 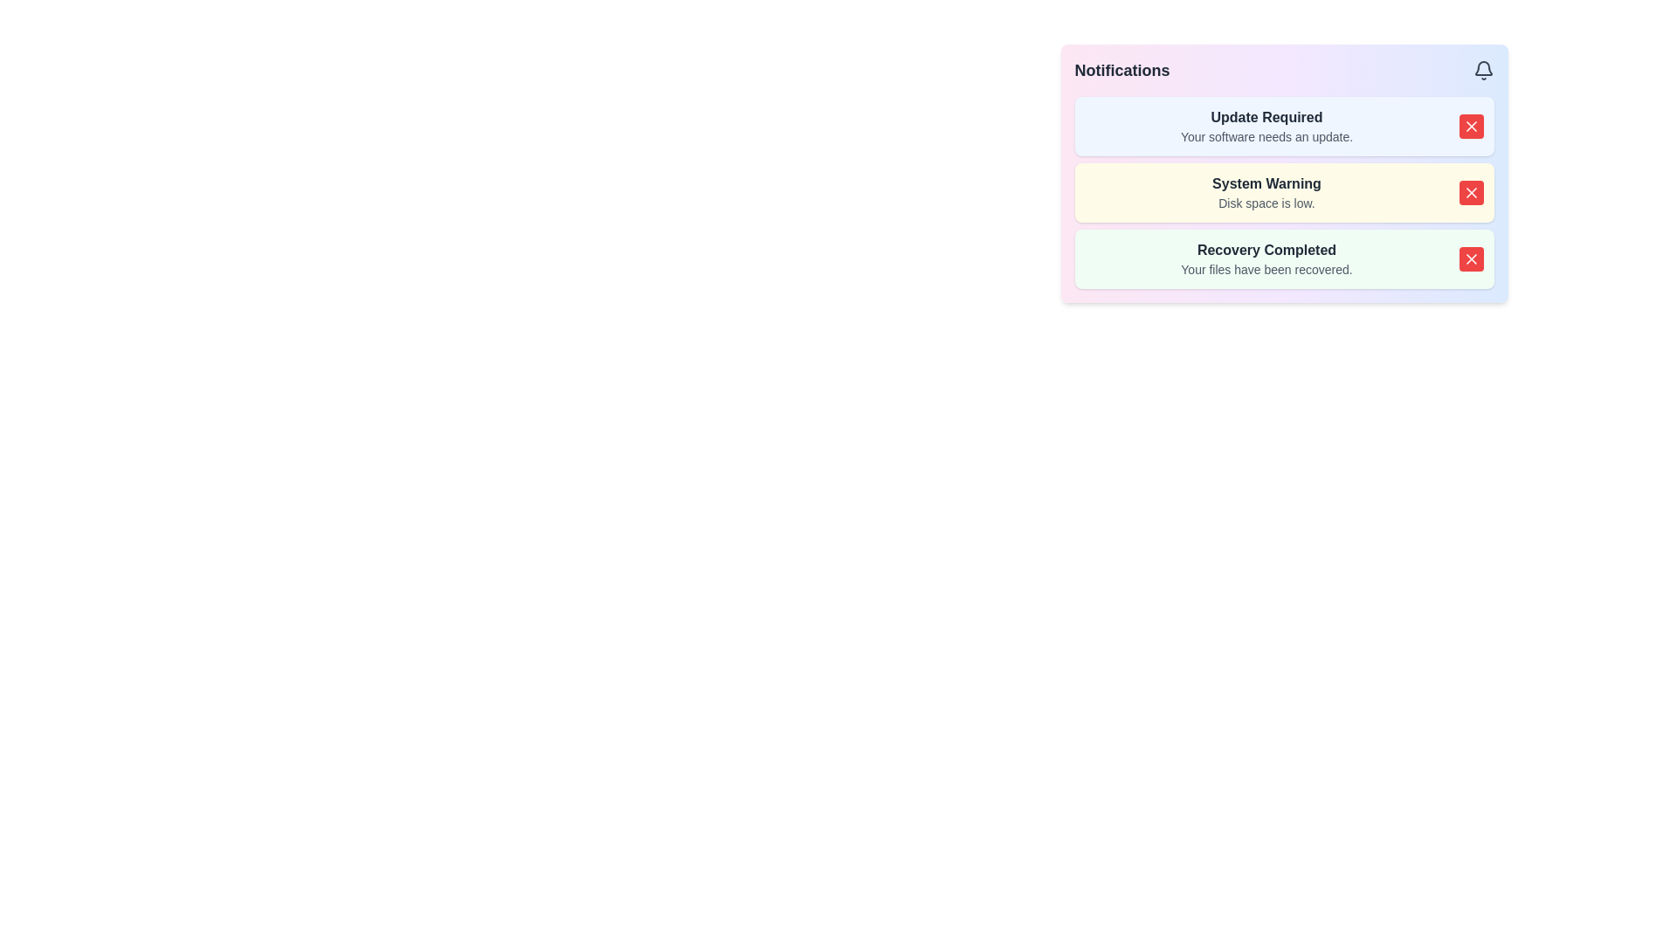 What do you see at coordinates (1266, 118) in the screenshot?
I see `the notification title Text Label that indicates a software update is required, located at the top-left section of the notification list` at bounding box center [1266, 118].